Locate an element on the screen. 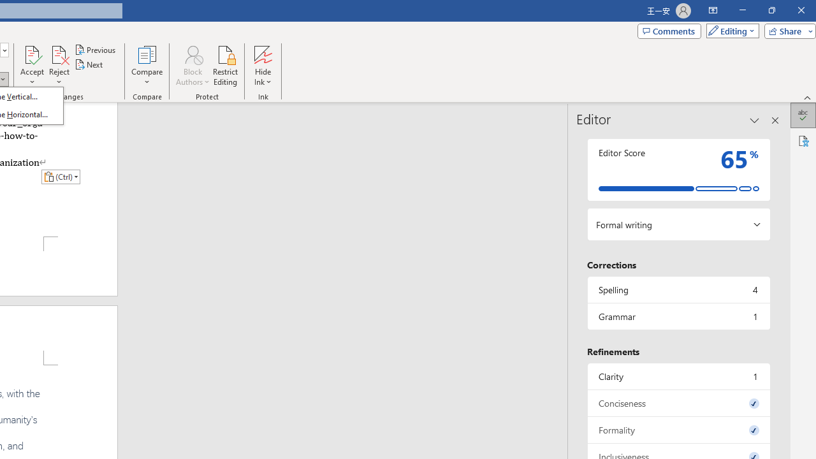  'Reject and Move to Next' is located at coordinates (58, 54).